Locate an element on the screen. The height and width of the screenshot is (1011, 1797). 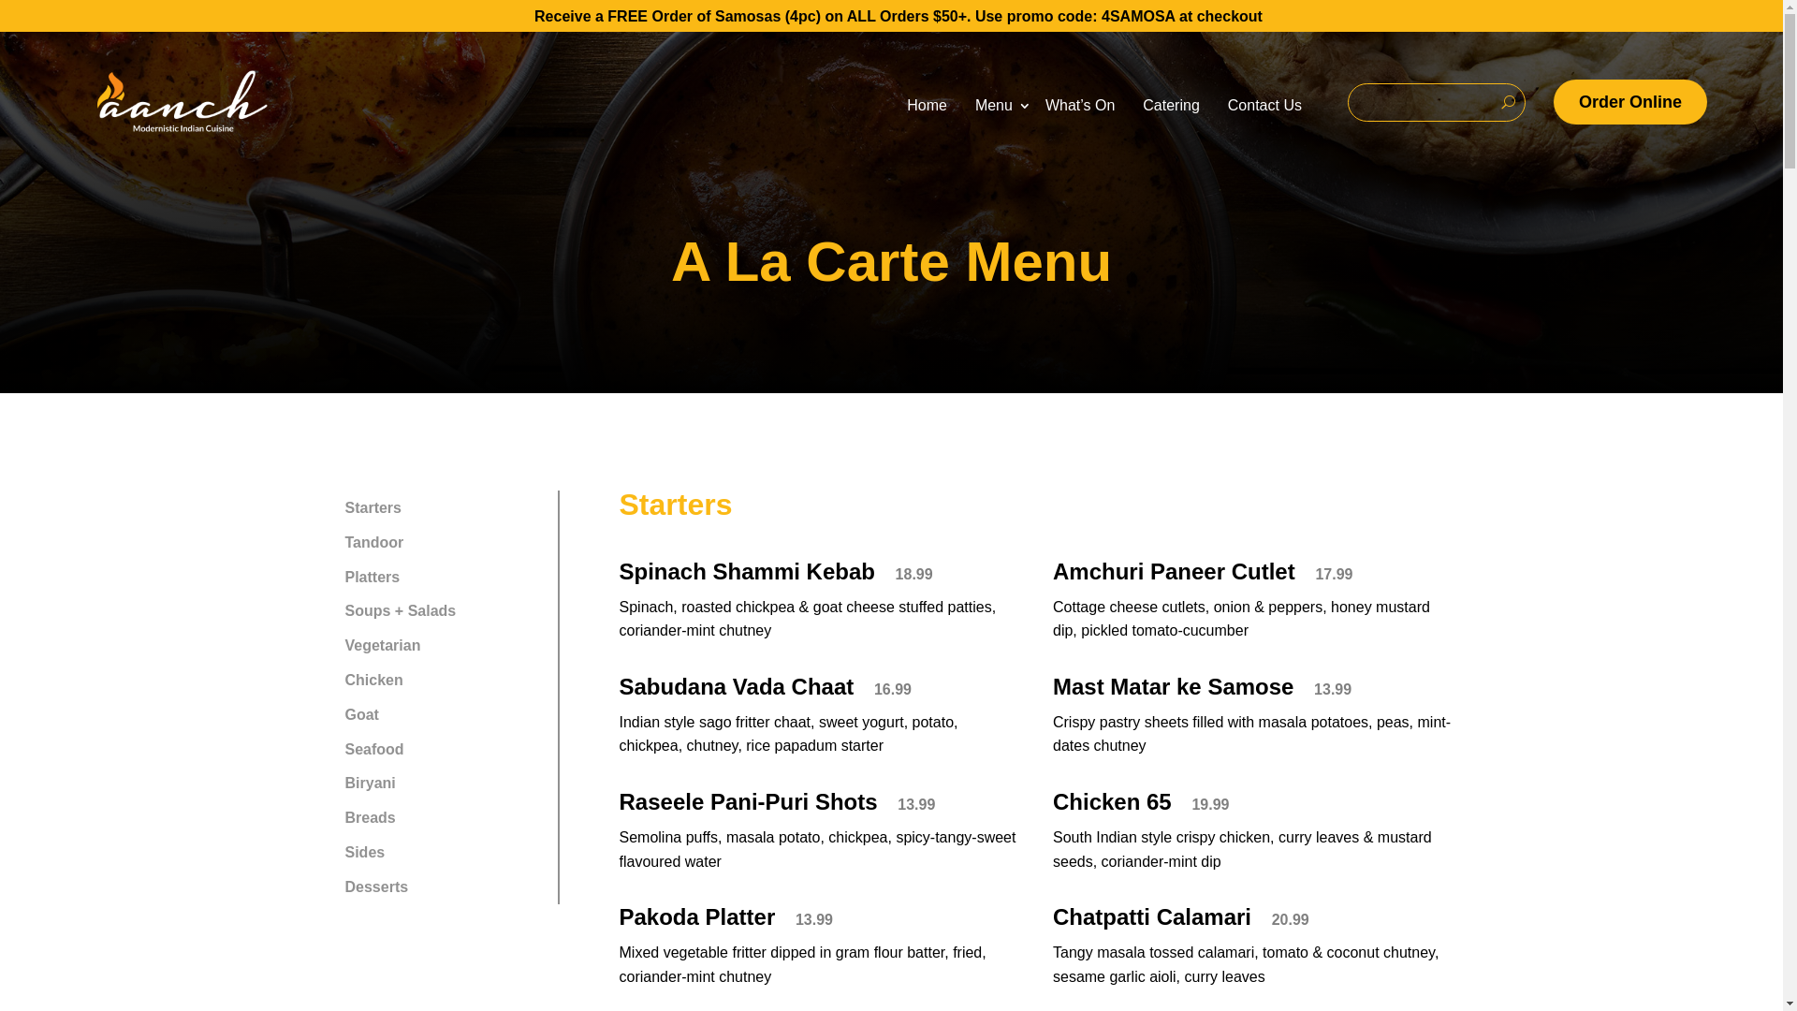
'Catering' is located at coordinates (1170, 105).